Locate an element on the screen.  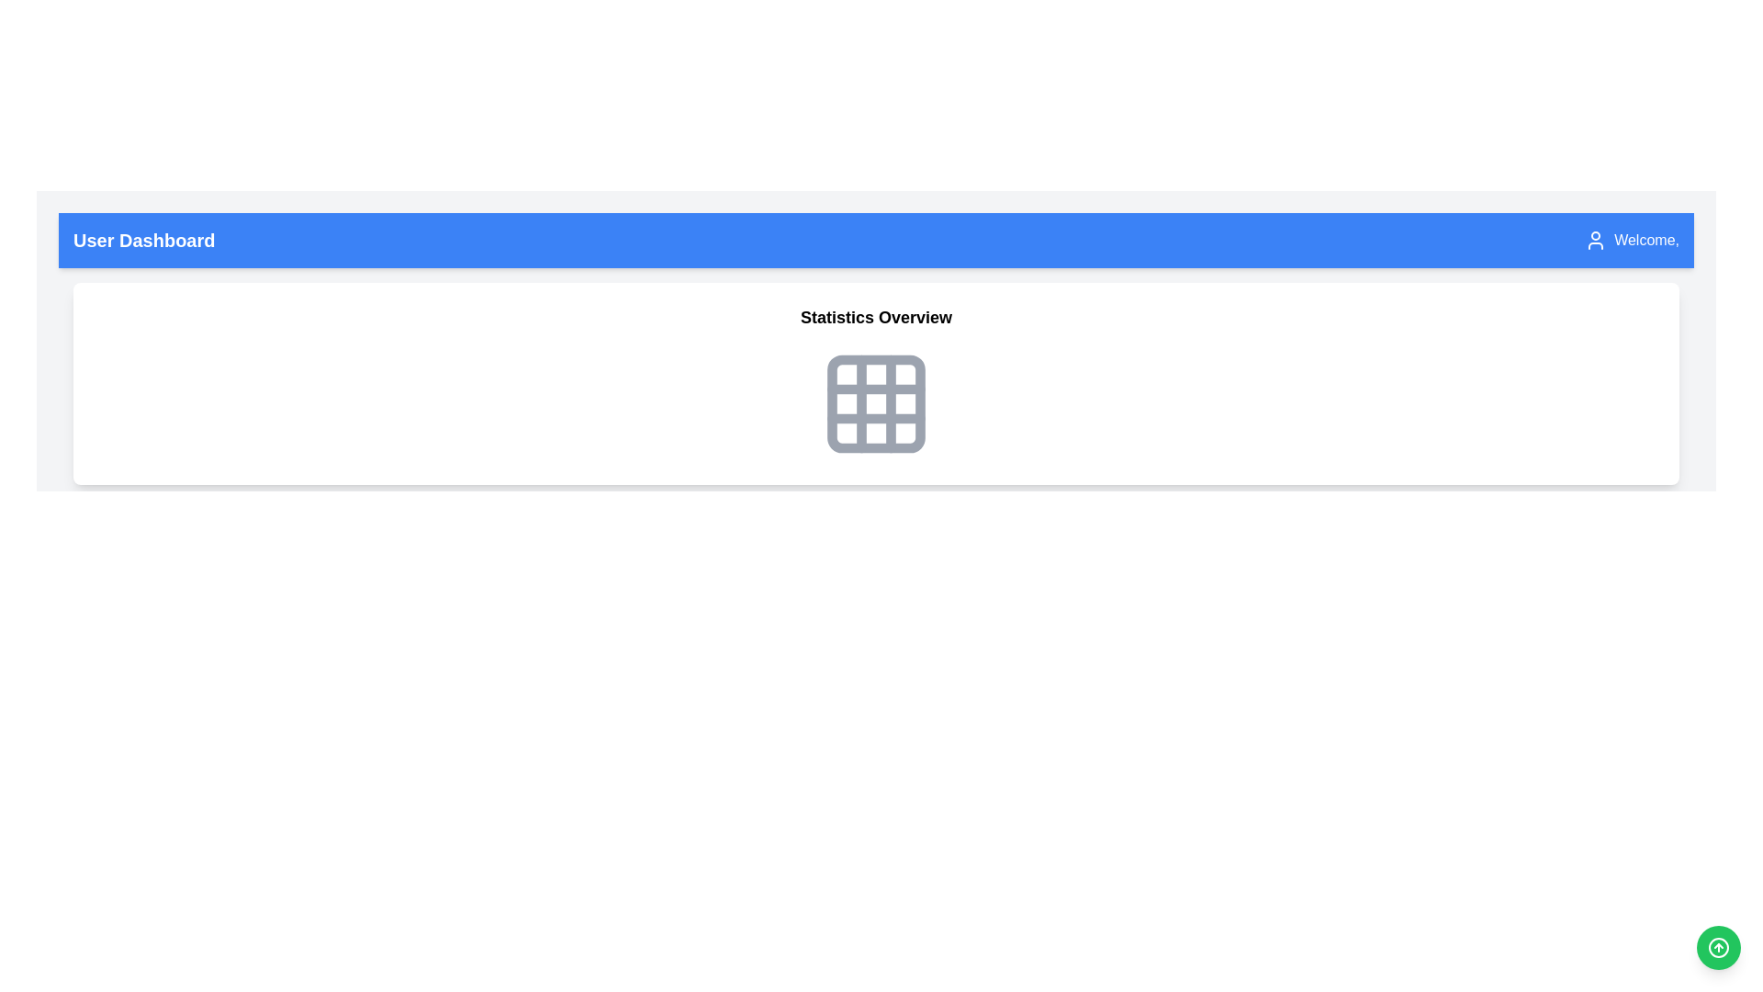
the distinct scroll-to-top button located at the bottom-right corner of the interface to quickly scroll back to the top of the page is located at coordinates (1718, 948).